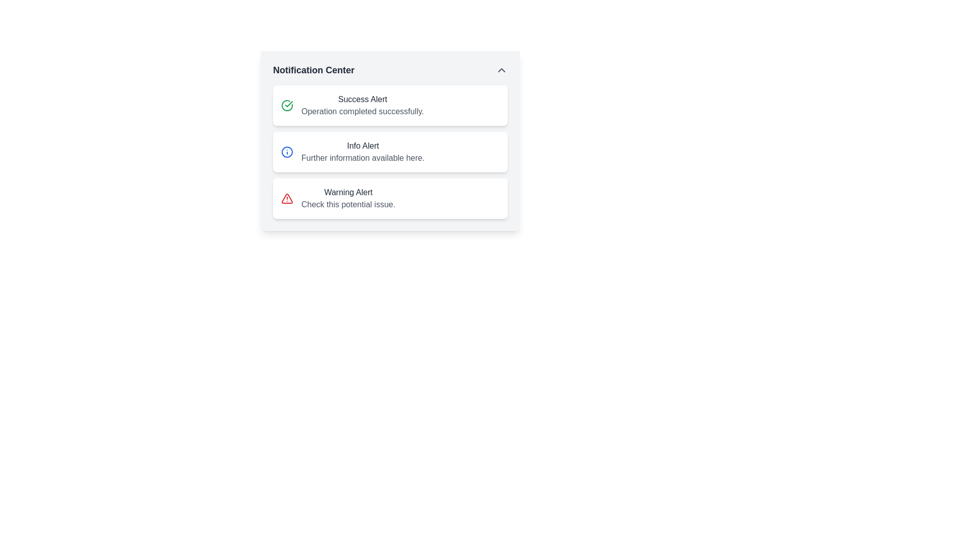 This screenshot has height=546, width=971. Describe the element at coordinates (286, 152) in the screenshot. I see `the outermost circular component of the 'info' icon in the 'Info Alert' notification section` at that location.